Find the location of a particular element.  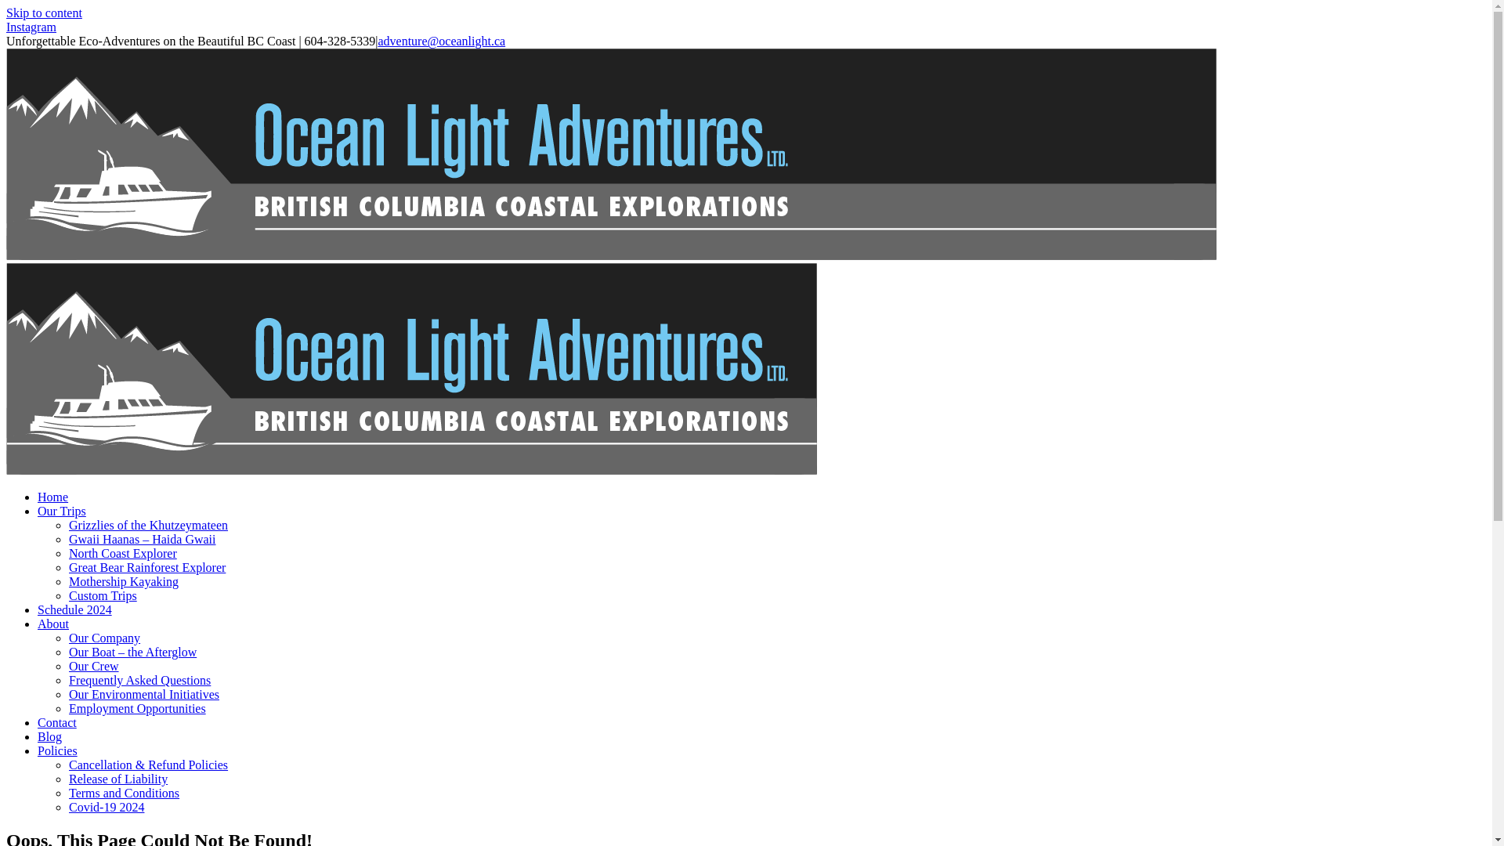

'Our Crew' is located at coordinates (93, 666).